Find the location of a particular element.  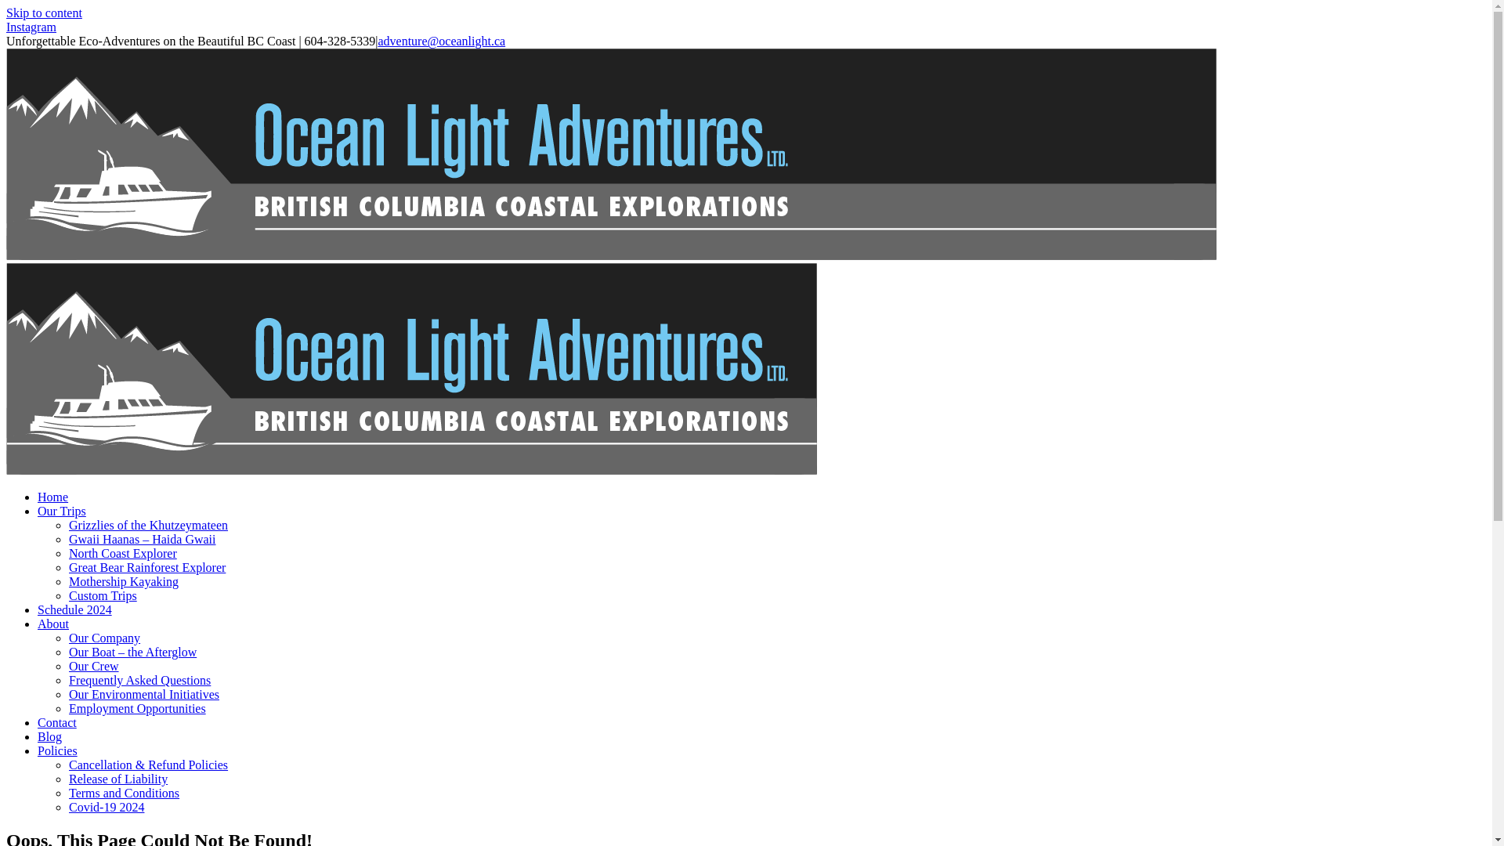

'Our Crew' is located at coordinates (93, 666).